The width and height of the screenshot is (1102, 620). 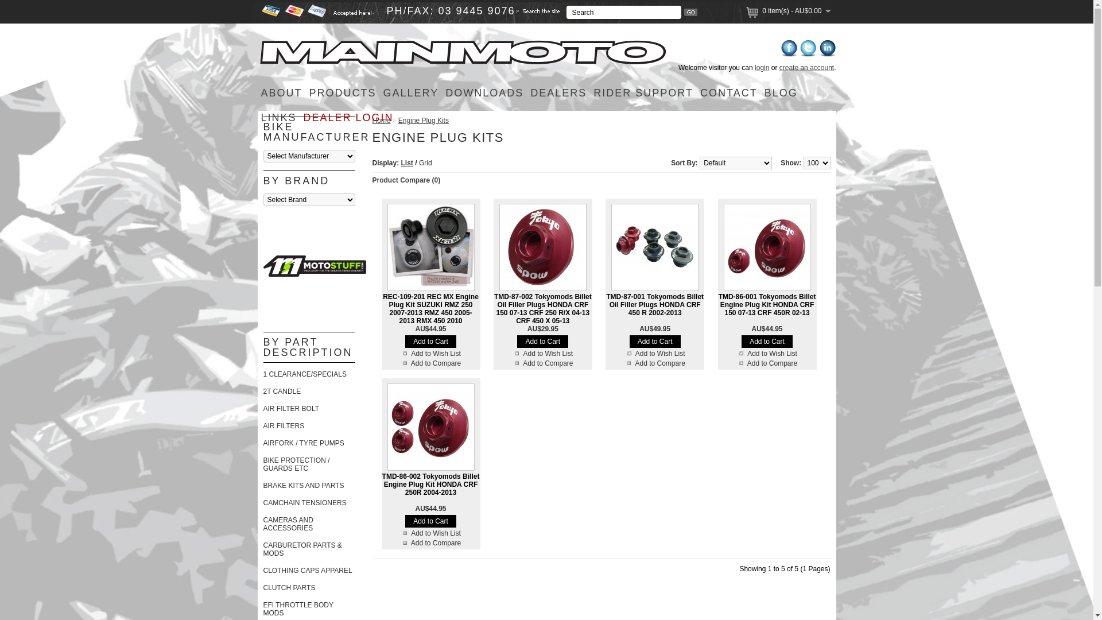 What do you see at coordinates (304, 374) in the screenshot?
I see `'1 CLEARANCE/SPECIALS'` at bounding box center [304, 374].